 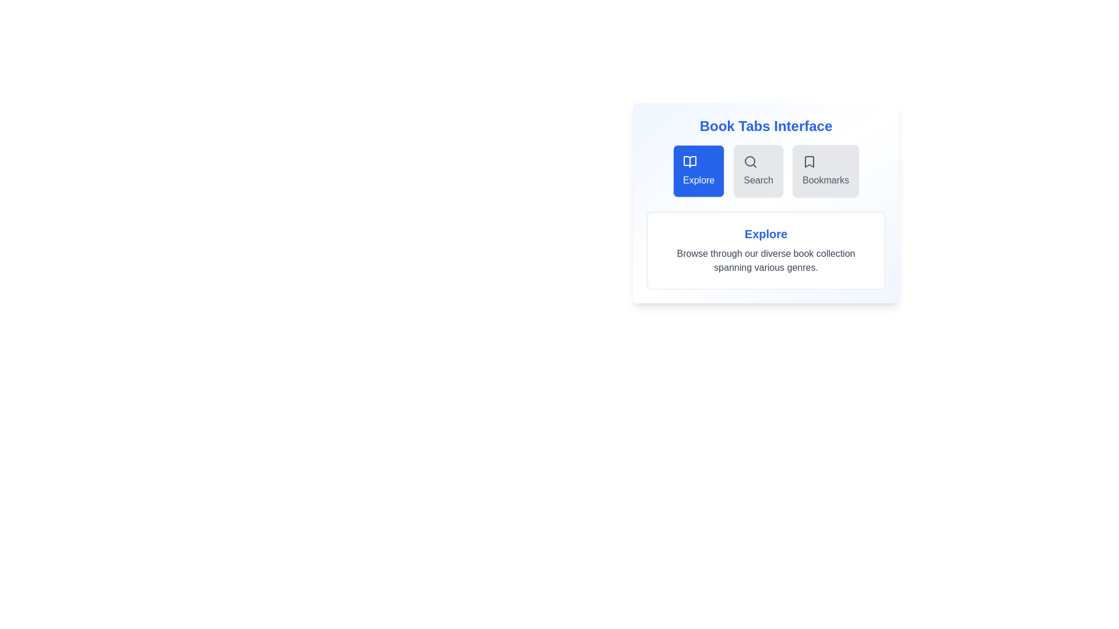 I want to click on the tab labeled Bookmarks, so click(x=825, y=171).